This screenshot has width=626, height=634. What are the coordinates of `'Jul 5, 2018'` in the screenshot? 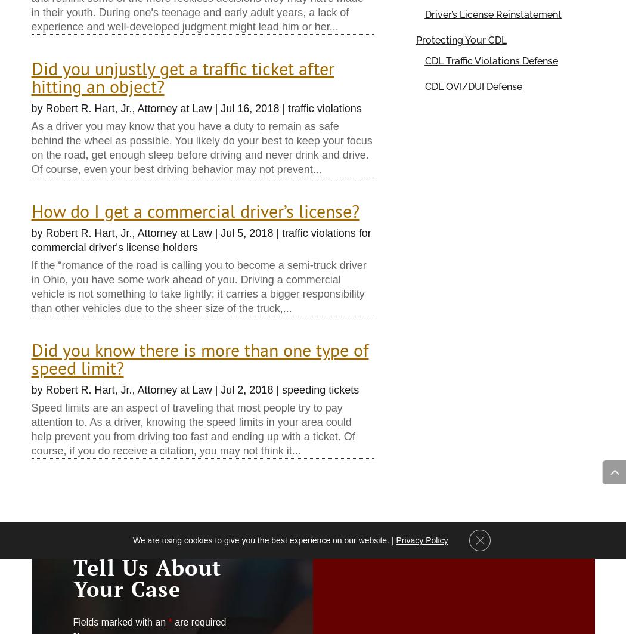 It's located at (246, 233).